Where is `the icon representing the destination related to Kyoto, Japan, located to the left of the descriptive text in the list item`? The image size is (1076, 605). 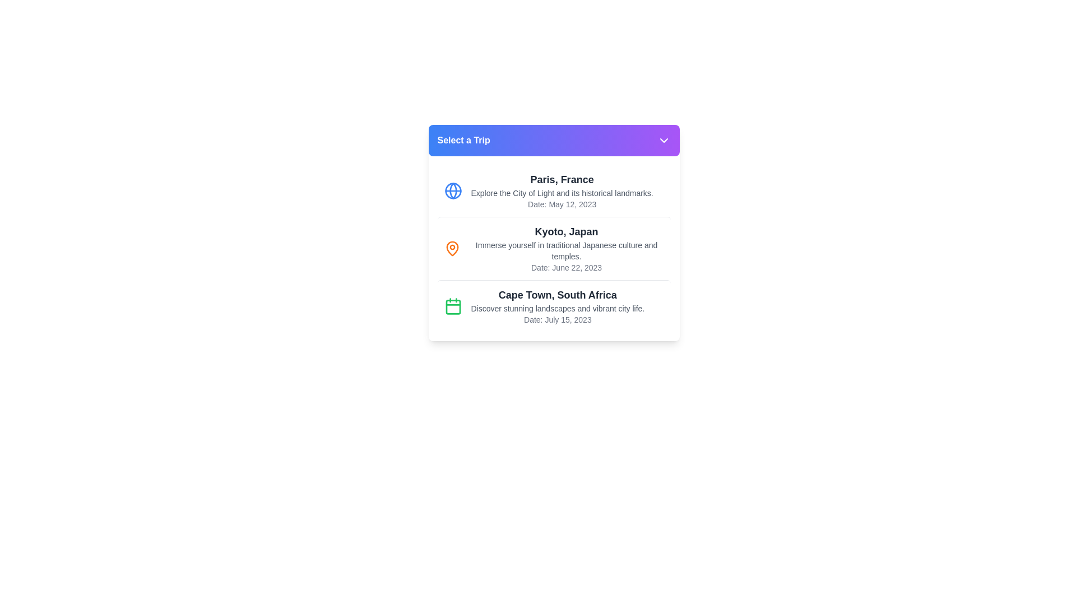
the icon representing the destination related to Kyoto, Japan, located to the left of the descriptive text in the list item is located at coordinates (452, 248).